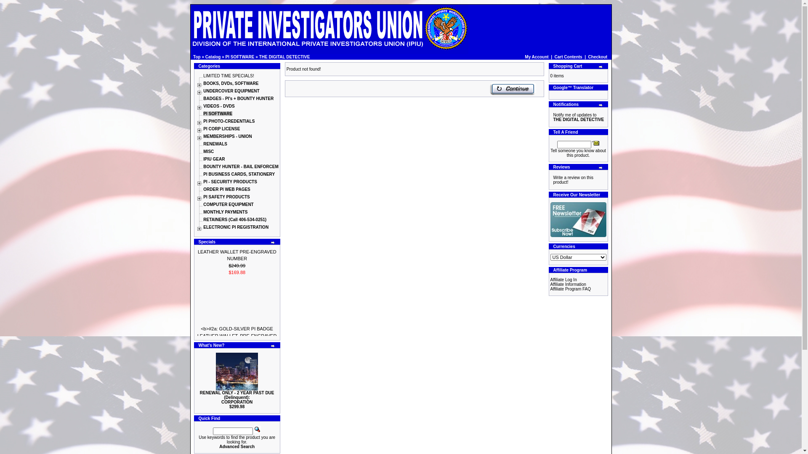 The image size is (808, 454). Describe the element at coordinates (489, 89) in the screenshot. I see `' Continue '` at that location.